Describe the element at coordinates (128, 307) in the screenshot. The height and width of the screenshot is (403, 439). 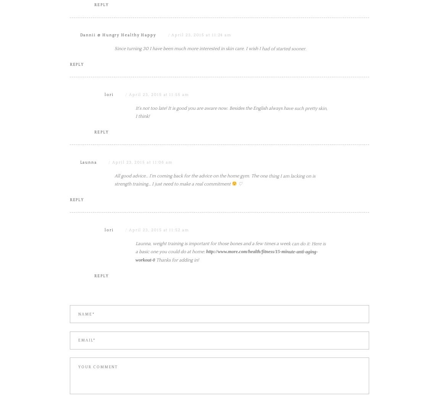
I see `'April 23, 2015 at 11:52 am'` at that location.